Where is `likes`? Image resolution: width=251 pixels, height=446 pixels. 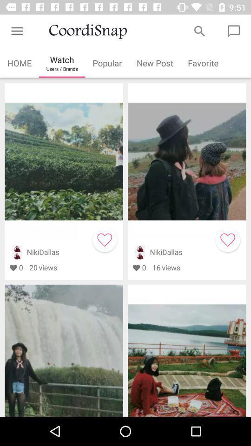
likes is located at coordinates (104, 239).